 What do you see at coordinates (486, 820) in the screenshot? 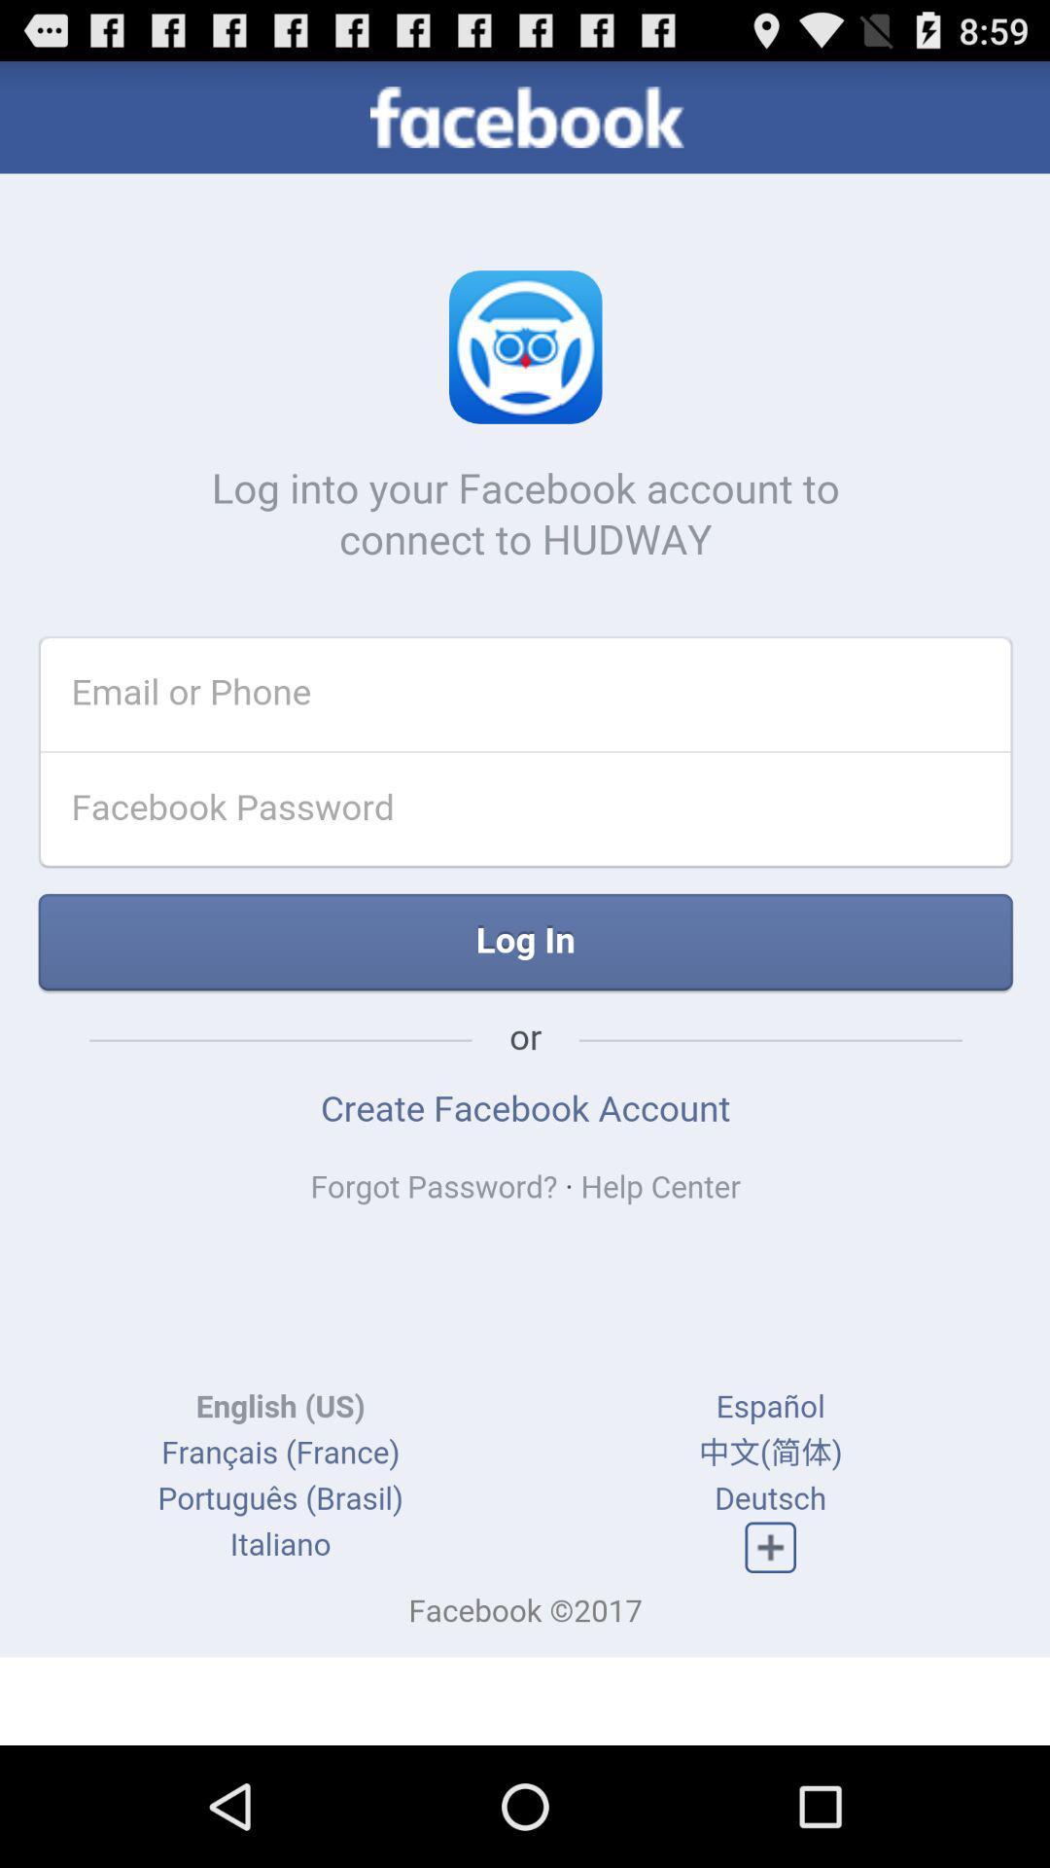
I see `the text field facebook password` at bounding box center [486, 820].